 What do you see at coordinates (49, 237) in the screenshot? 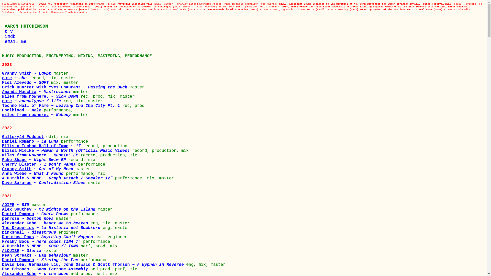
I see `'Dorothea Paas ~ Anything Can't Happen'` at bounding box center [49, 237].